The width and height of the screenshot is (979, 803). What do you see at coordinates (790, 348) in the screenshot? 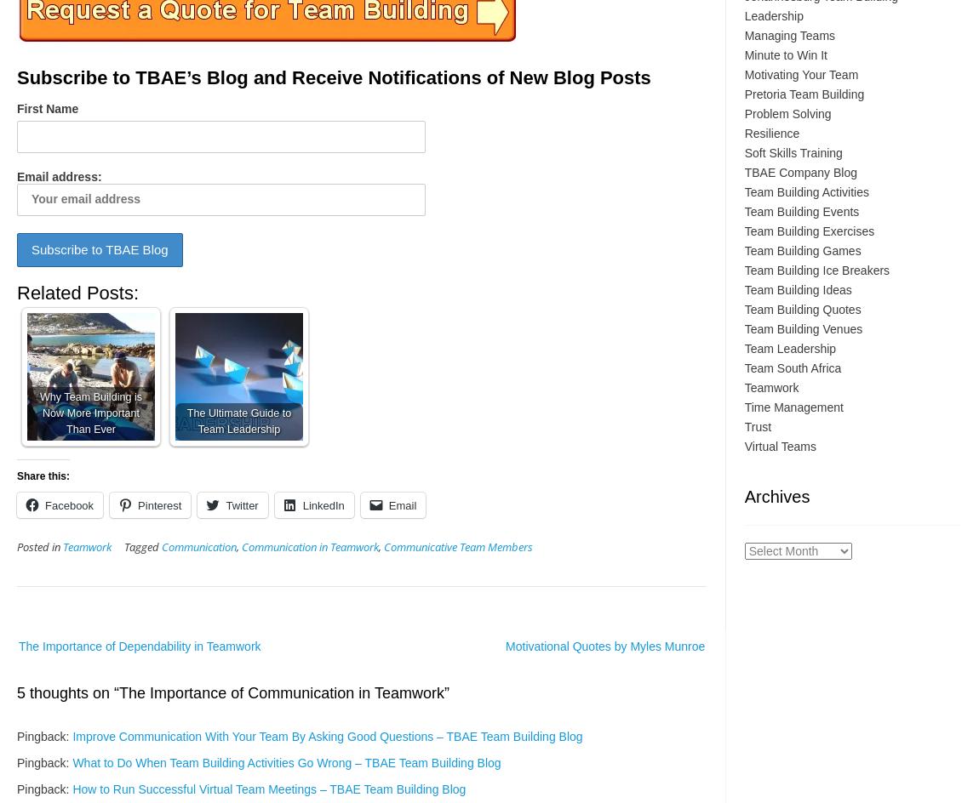
I see `'Team Leadership'` at bounding box center [790, 348].